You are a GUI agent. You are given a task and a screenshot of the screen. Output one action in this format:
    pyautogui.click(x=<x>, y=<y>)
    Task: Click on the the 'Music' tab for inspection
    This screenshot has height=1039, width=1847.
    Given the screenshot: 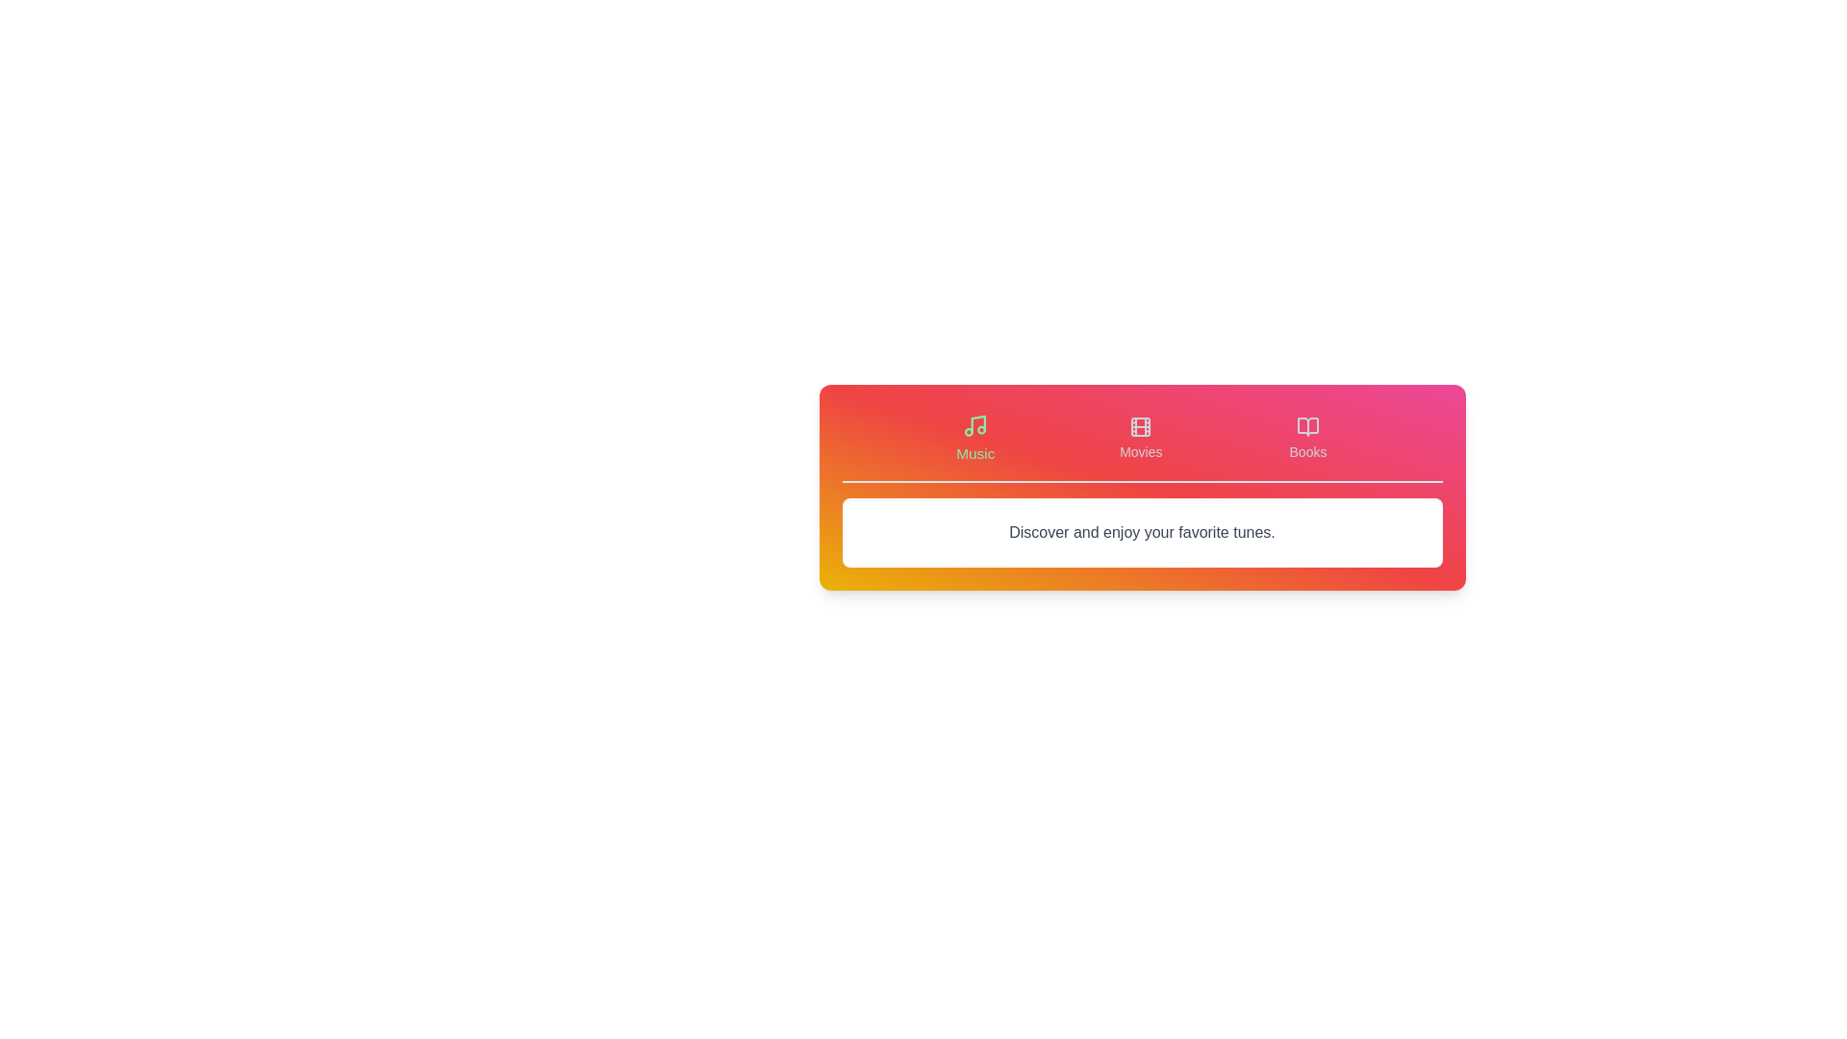 What is the action you would take?
    pyautogui.click(x=974, y=438)
    